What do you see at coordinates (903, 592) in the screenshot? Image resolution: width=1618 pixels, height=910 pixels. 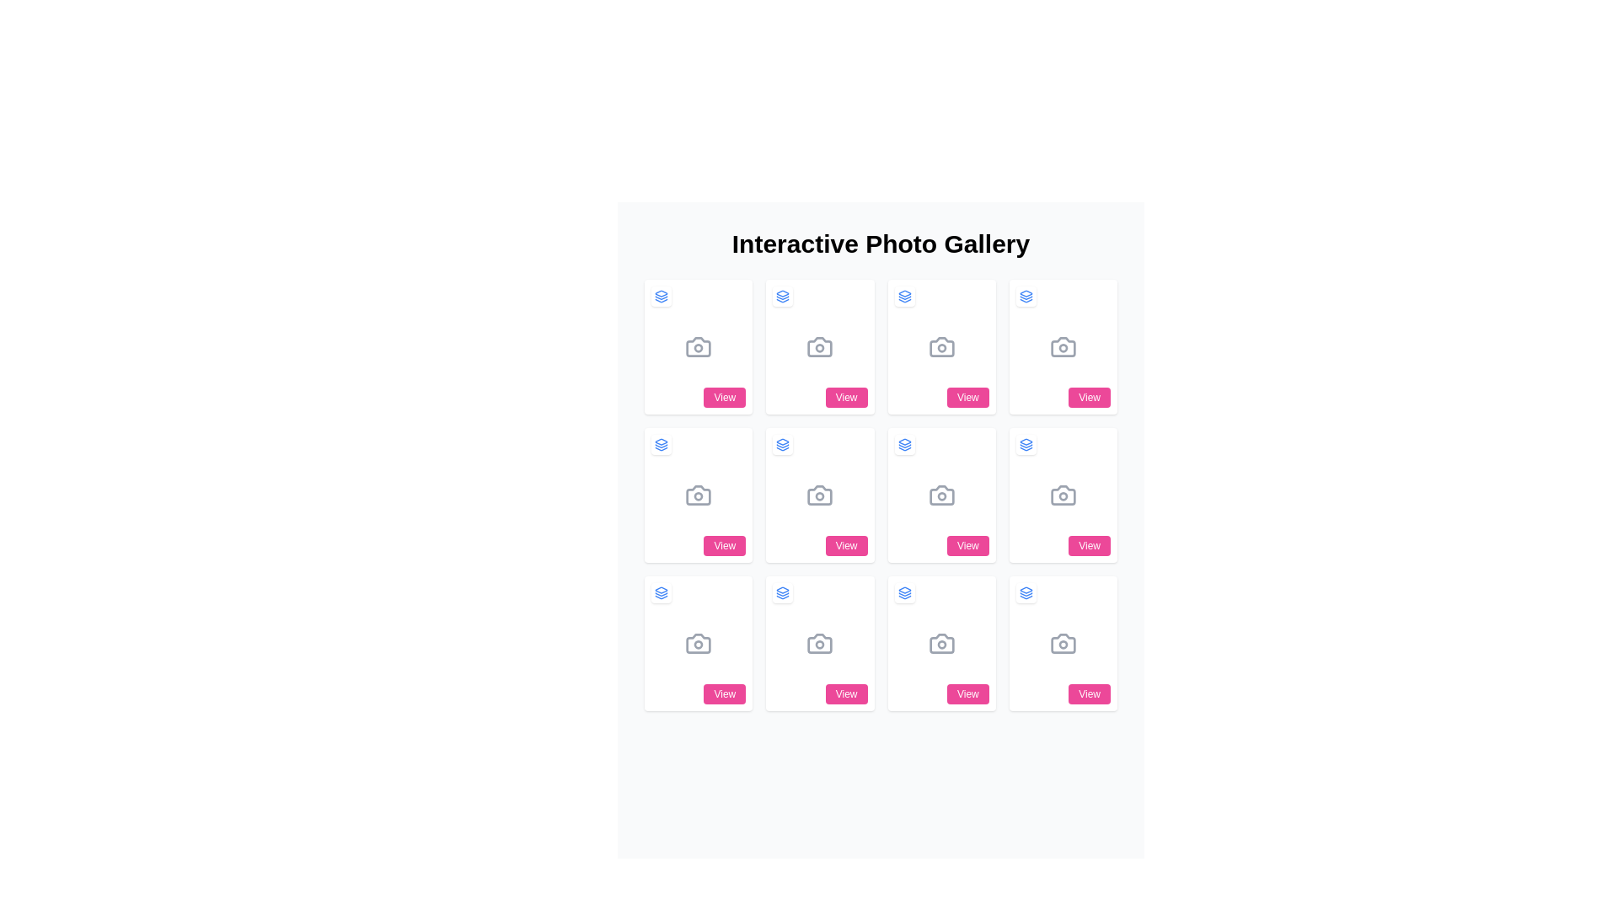 I see `the icon in the top-left corner of the card in the fifth row and second column of the 'Interactive Photo Gallery'` at bounding box center [903, 592].